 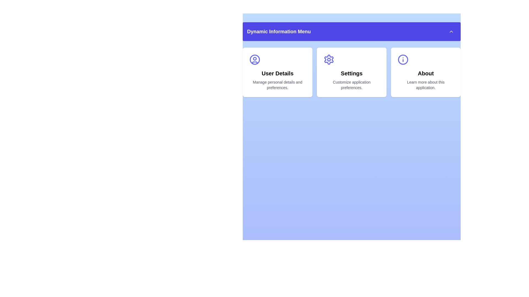 I want to click on the menu item User Details to observe its visual feedback, so click(x=277, y=72).